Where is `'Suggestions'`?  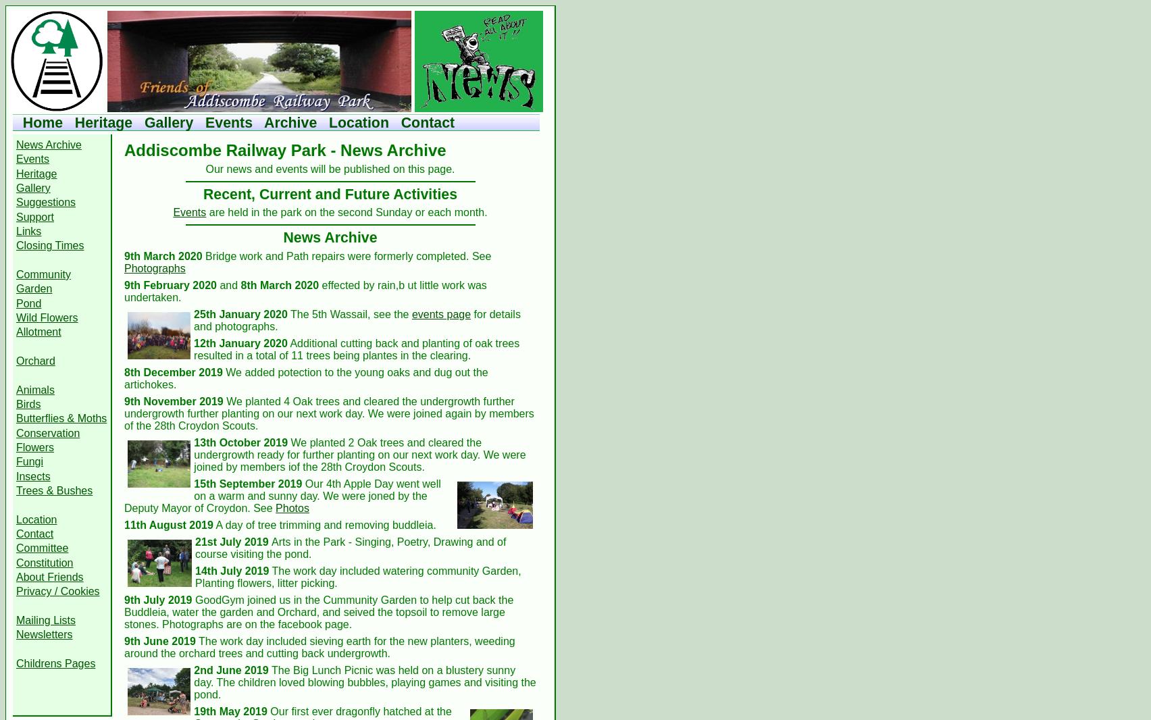
'Suggestions' is located at coordinates (45, 202).